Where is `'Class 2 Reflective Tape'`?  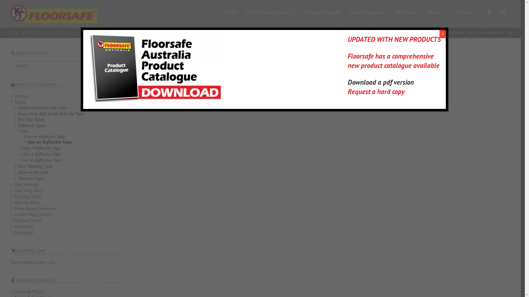
'Class 2 Reflective Tape' is located at coordinates (41, 154).